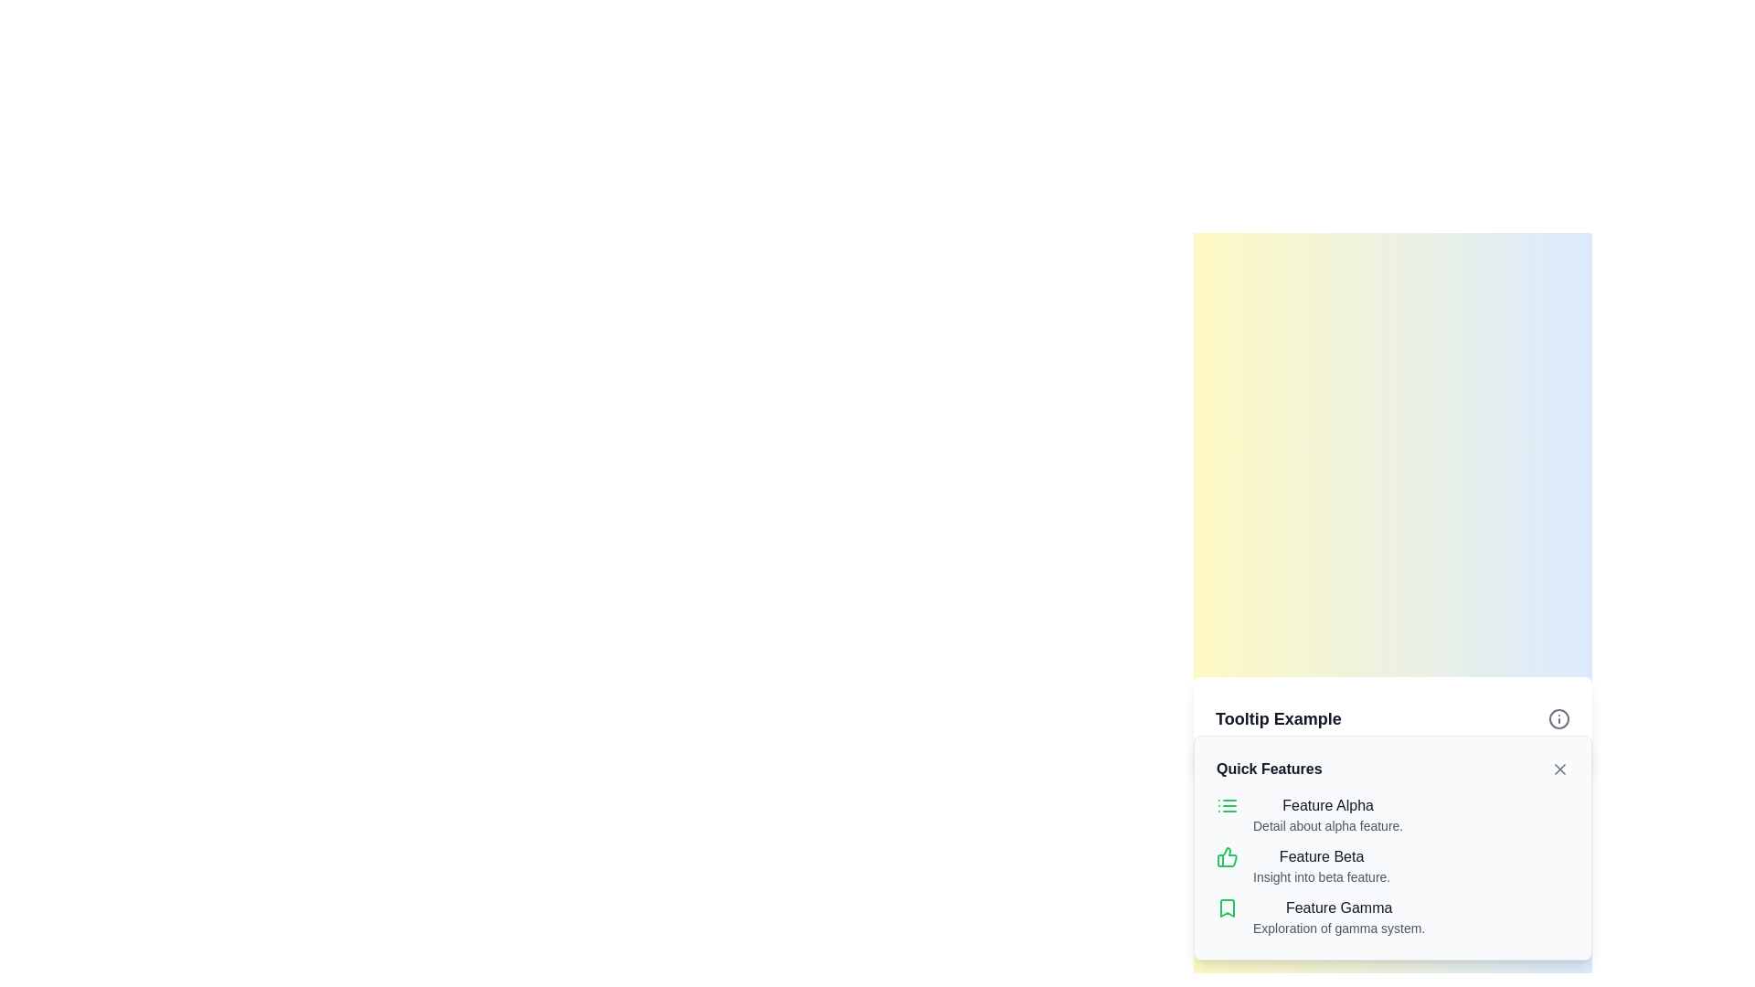 Image resolution: width=1755 pixels, height=987 pixels. I want to click on the 'Feature Beta' list item, so click(1391, 865).